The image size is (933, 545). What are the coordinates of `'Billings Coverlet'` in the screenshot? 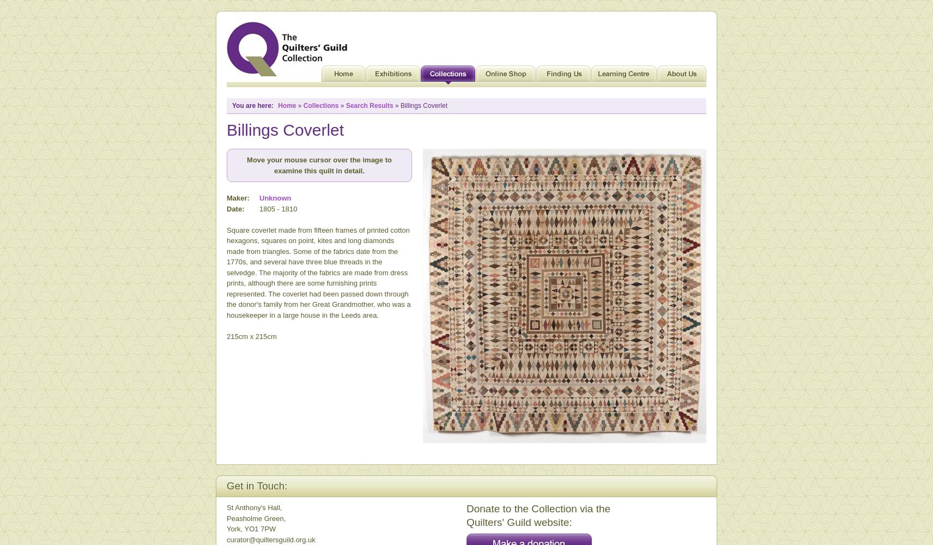 It's located at (284, 129).